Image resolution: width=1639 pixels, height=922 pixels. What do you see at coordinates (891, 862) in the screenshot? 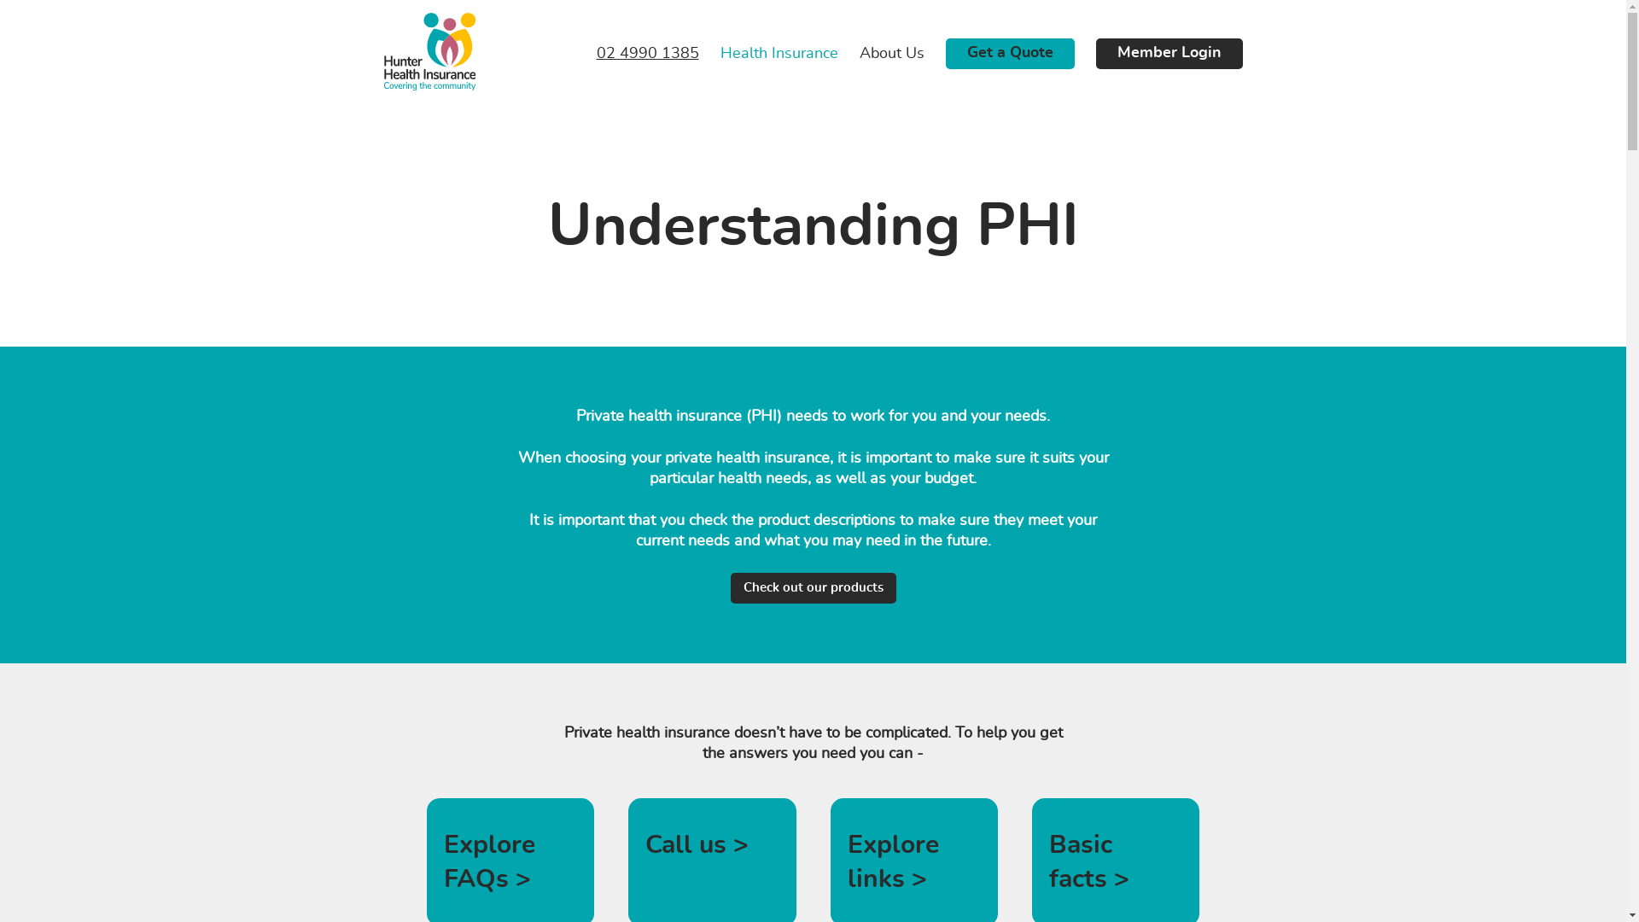
I see `'Explore links >'` at bounding box center [891, 862].